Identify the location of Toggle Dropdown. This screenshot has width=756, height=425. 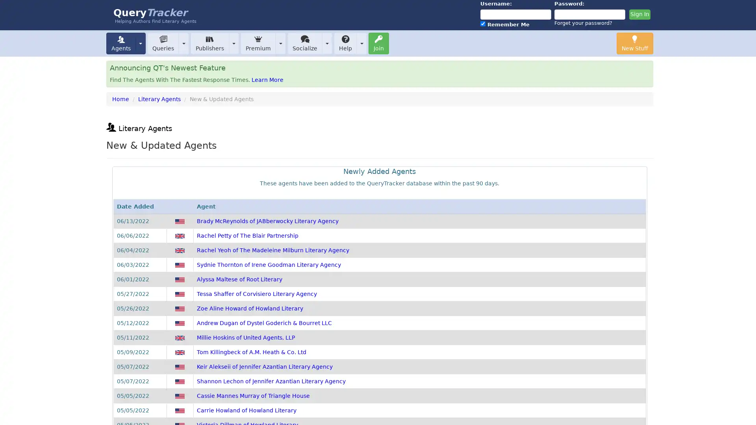
(281, 43).